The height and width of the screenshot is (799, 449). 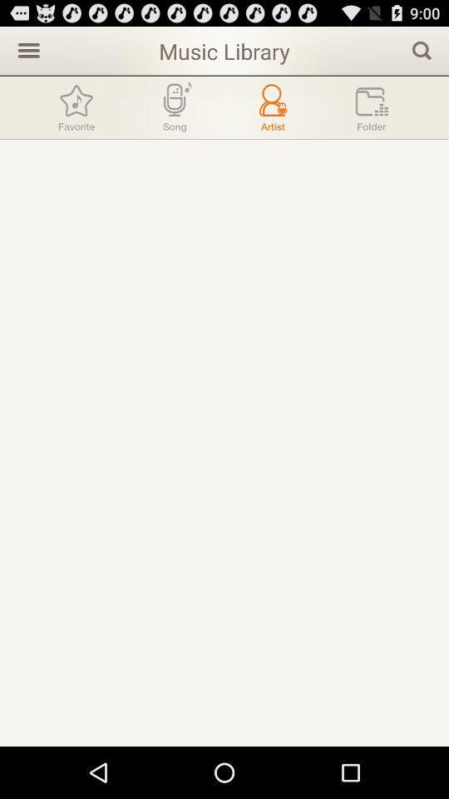 What do you see at coordinates (273, 107) in the screenshot?
I see `artist menu` at bounding box center [273, 107].